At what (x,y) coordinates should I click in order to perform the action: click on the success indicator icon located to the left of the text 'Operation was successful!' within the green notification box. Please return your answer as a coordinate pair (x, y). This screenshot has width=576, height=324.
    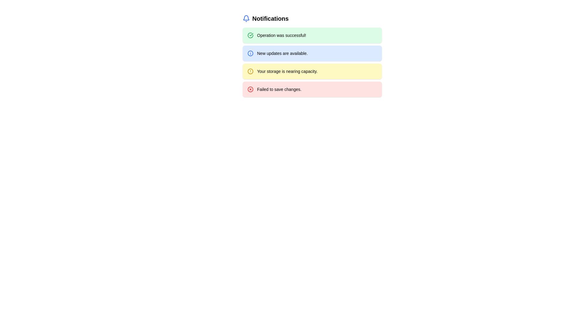
    Looking at the image, I should click on (250, 35).